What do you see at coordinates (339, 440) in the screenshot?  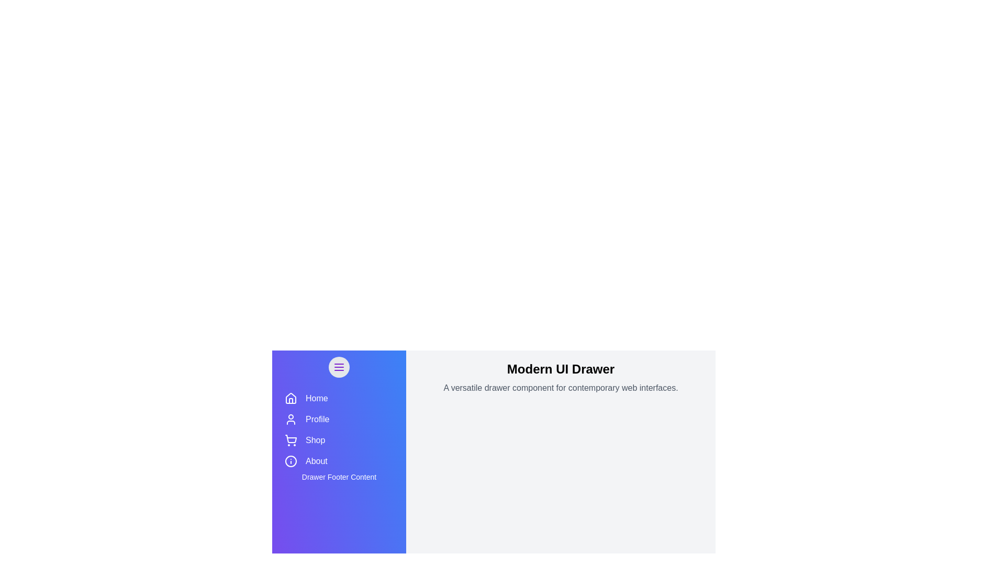 I see `the navigation item labeled 'Shop' to observe the hover effect` at bounding box center [339, 440].